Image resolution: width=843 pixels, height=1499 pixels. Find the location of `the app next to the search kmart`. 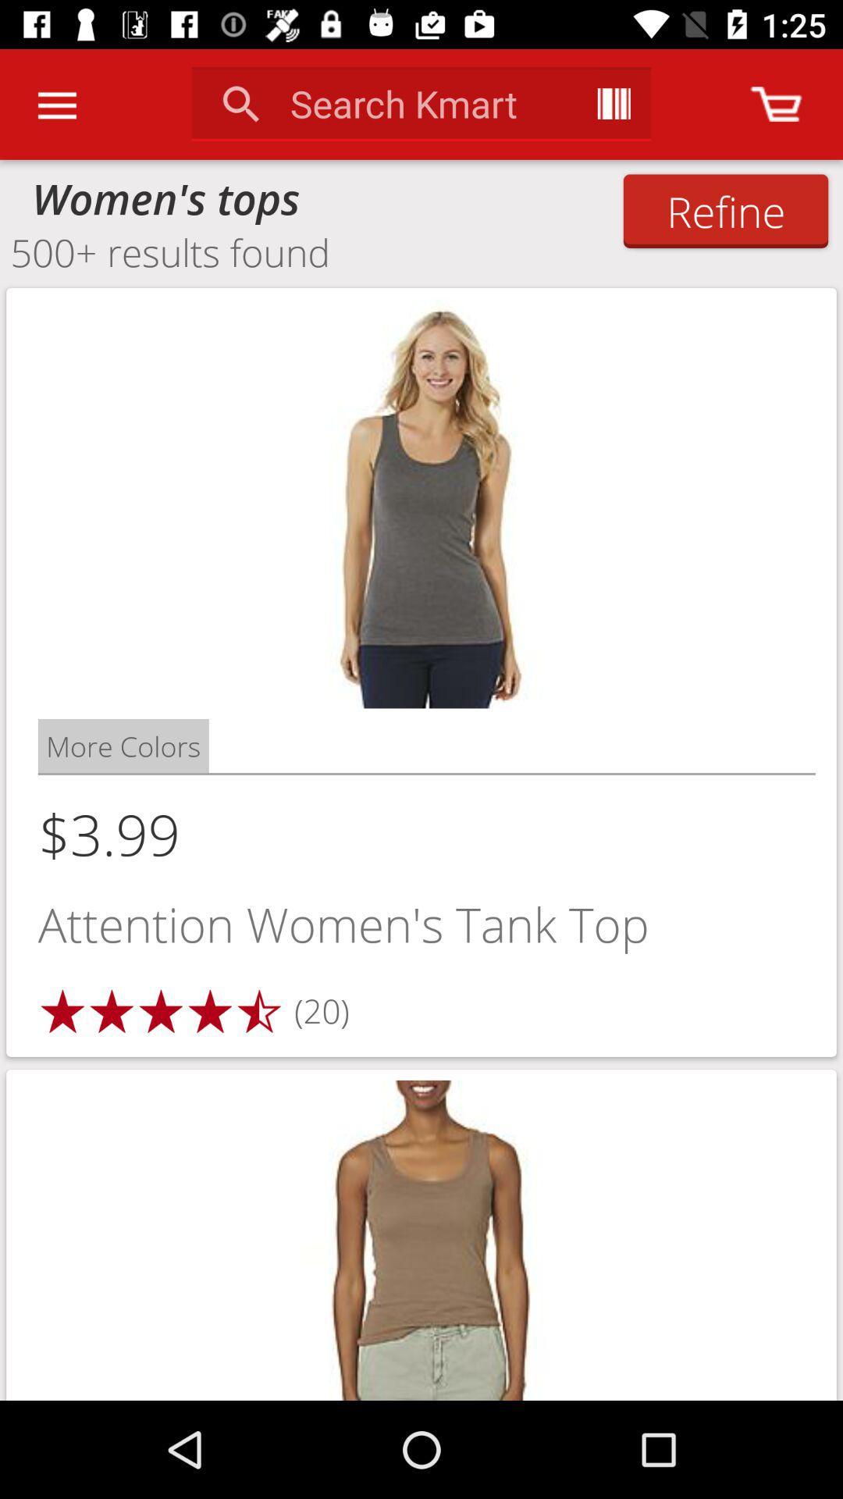

the app next to the search kmart is located at coordinates (613, 103).